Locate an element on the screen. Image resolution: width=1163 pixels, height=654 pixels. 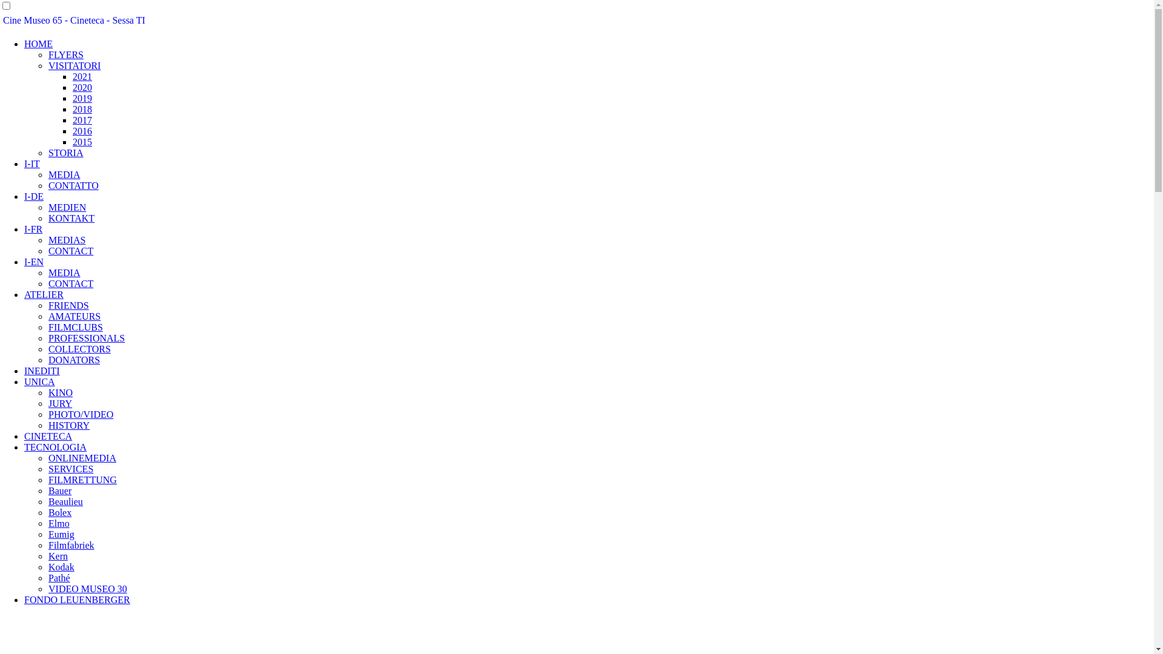
'2016' is located at coordinates (81, 131).